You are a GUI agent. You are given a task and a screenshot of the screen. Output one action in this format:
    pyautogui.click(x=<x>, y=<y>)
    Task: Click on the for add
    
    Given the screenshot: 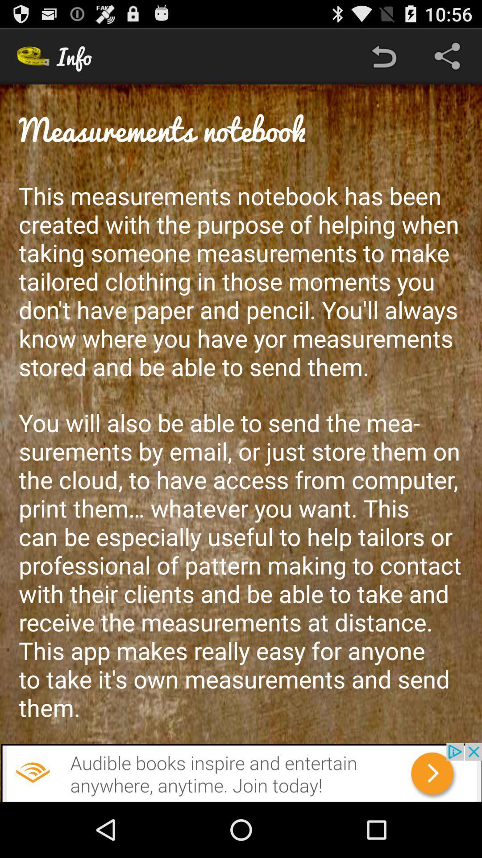 What is the action you would take?
    pyautogui.click(x=241, y=772)
    